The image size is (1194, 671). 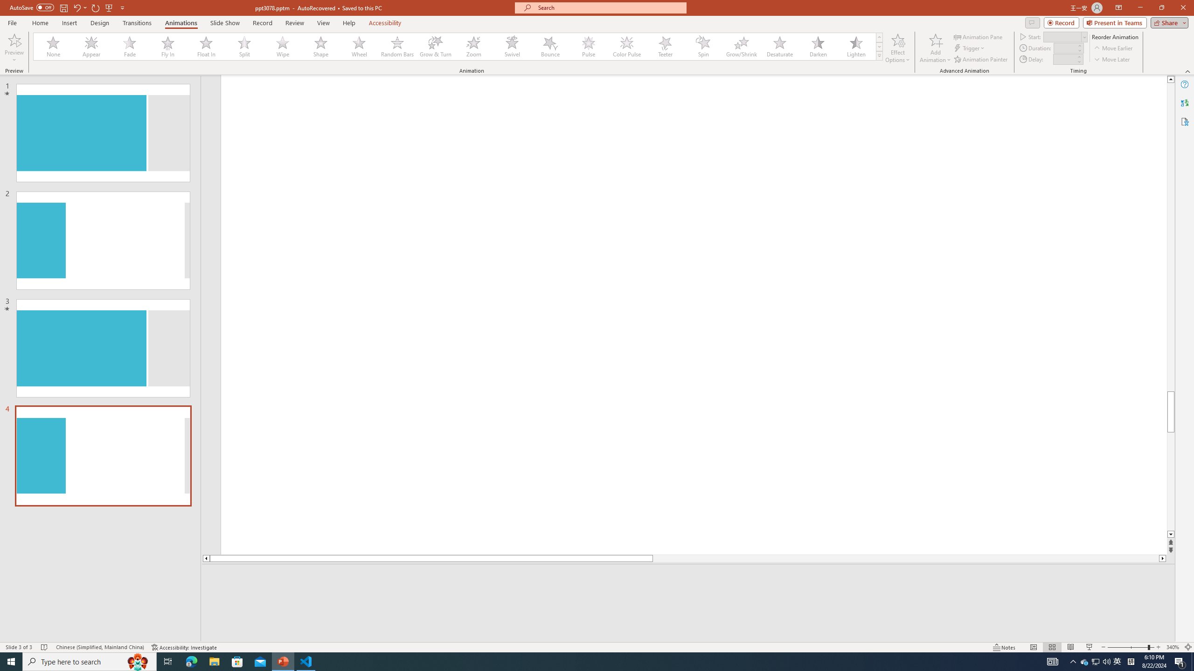 I want to click on 'Animation Pane', so click(x=979, y=36).